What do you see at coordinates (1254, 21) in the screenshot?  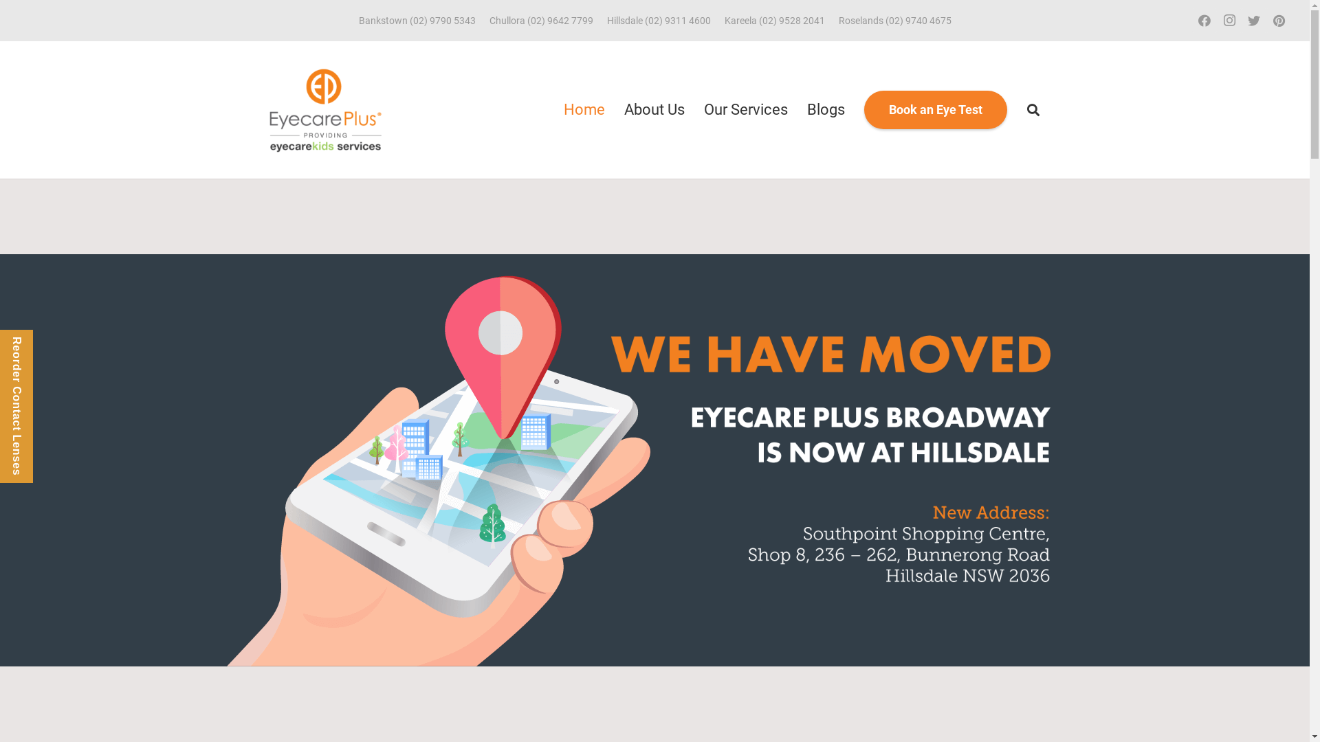 I see `'Twitter'` at bounding box center [1254, 21].